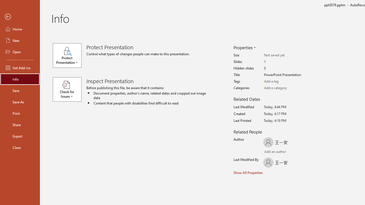 This screenshot has width=365, height=205. What do you see at coordinates (20, 136) in the screenshot?
I see `'Export'` at bounding box center [20, 136].